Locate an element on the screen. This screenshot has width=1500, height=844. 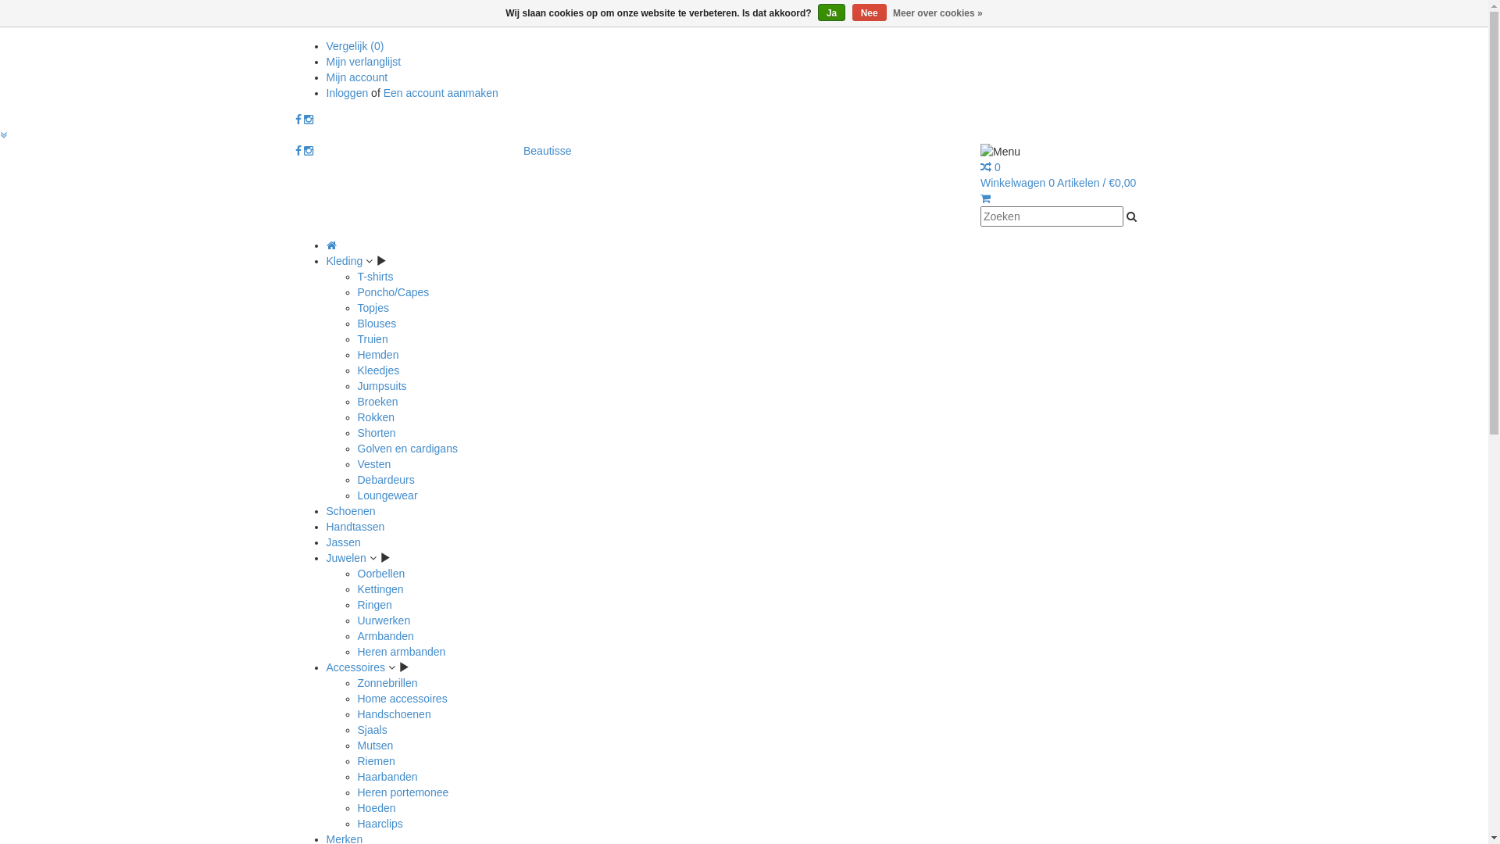
'Juwelen' is located at coordinates (345, 556).